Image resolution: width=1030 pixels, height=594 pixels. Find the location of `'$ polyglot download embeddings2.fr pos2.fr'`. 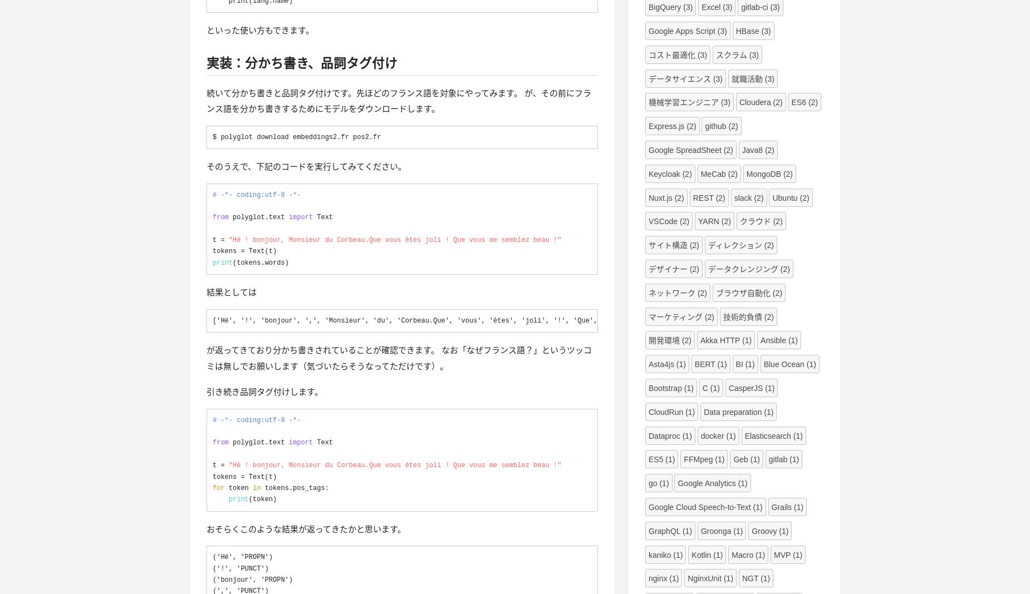

'$ polyglot download embeddings2.fr pos2.fr' is located at coordinates (212, 136).